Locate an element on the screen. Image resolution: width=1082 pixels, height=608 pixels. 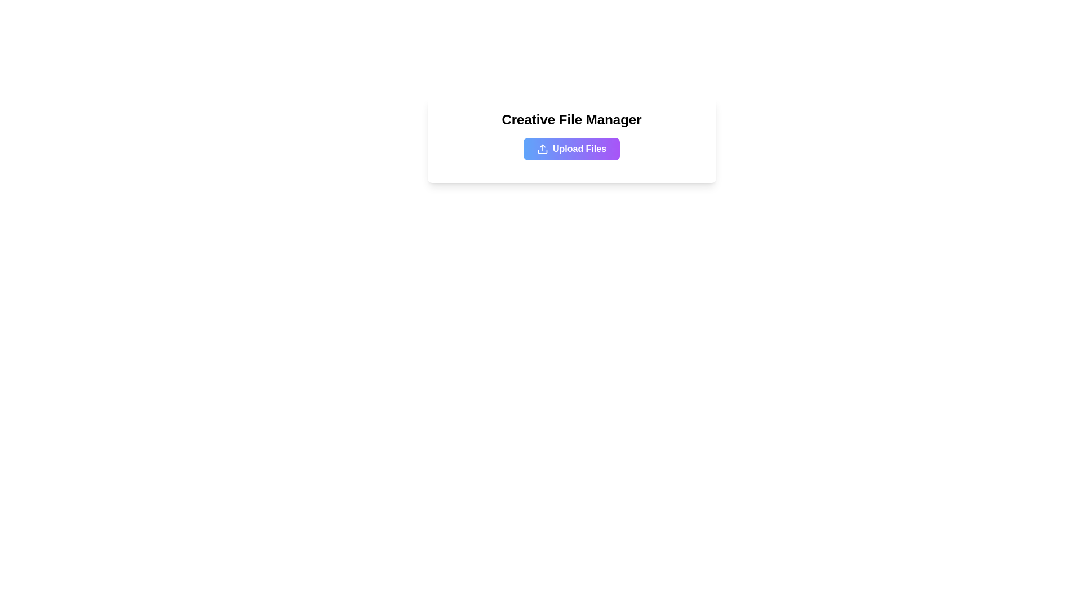
the 'Upload Files' button, which is a rectangular button with a gradient background from blue to purple, featuring a white upload icon and bold white text, centered below 'Creative File Manager' is located at coordinates (571, 149).